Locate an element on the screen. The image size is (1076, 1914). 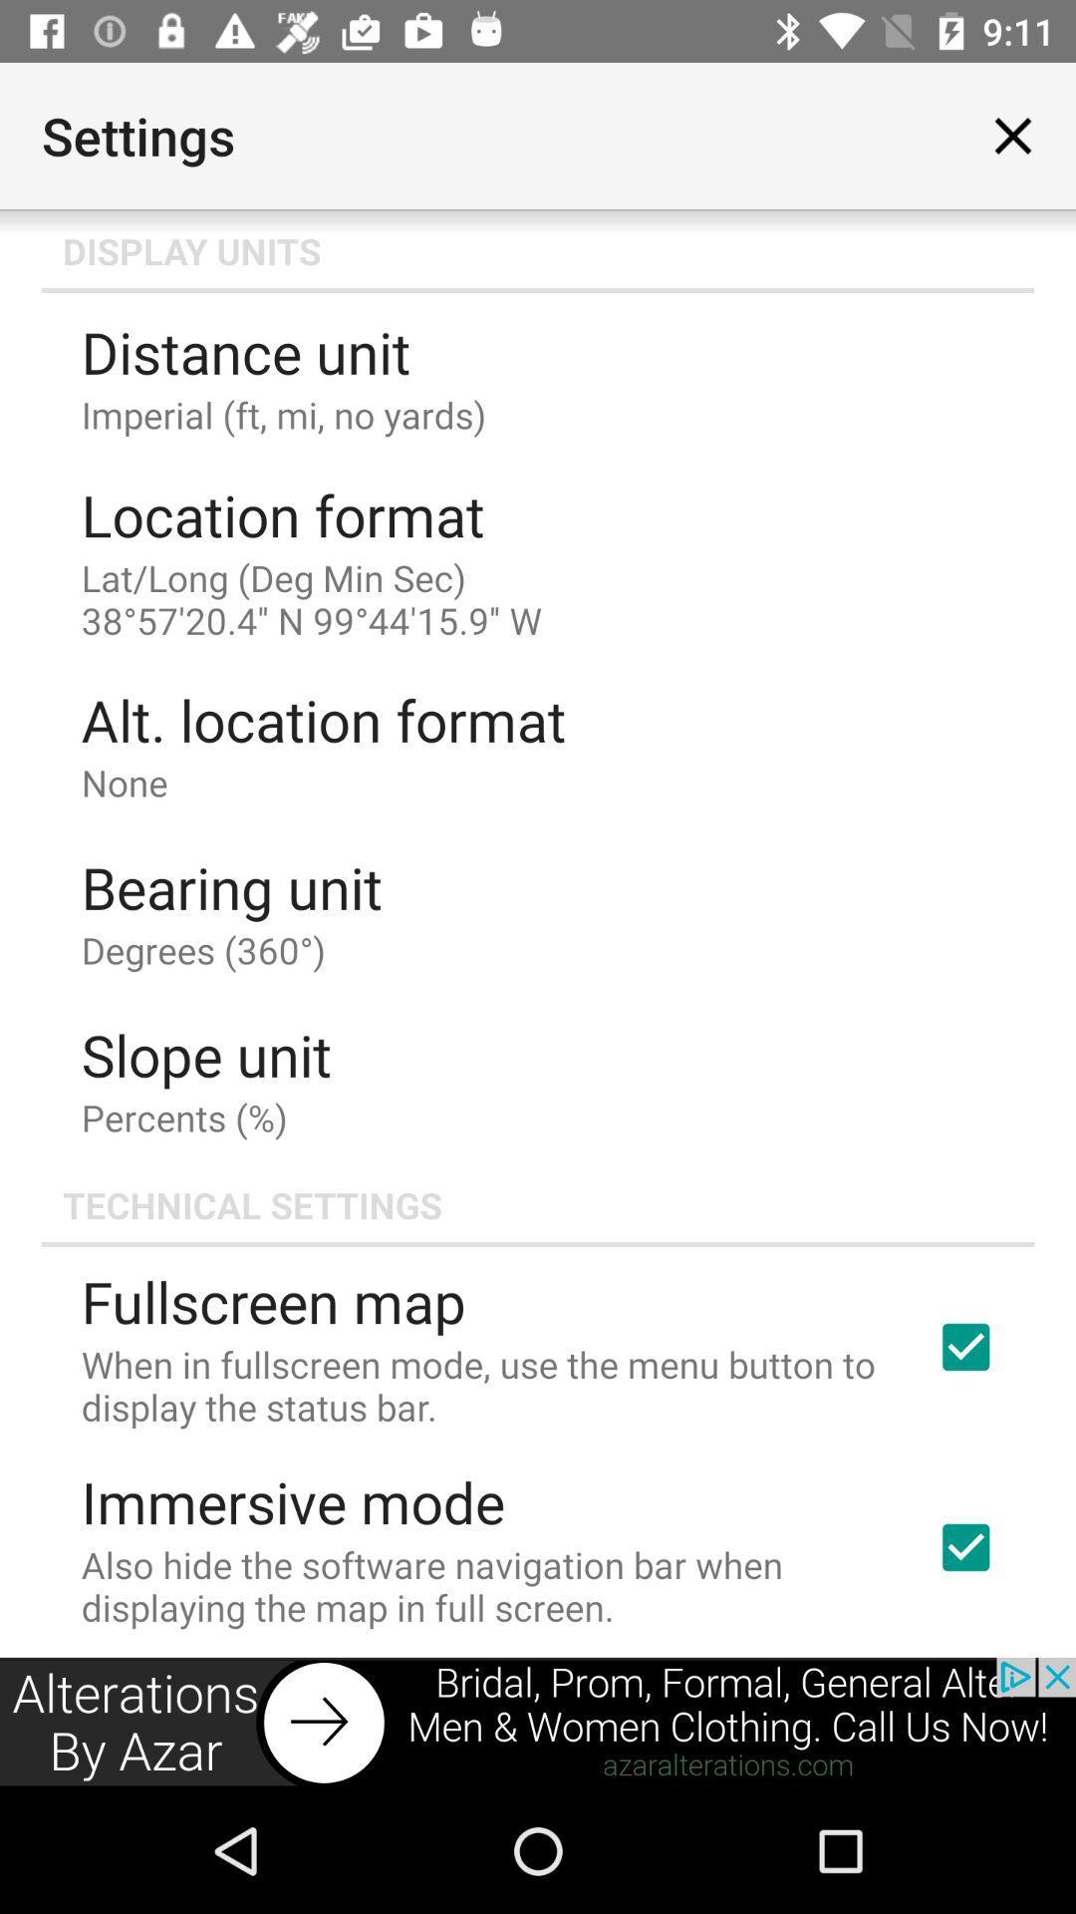
advertisement is located at coordinates (538, 1722).